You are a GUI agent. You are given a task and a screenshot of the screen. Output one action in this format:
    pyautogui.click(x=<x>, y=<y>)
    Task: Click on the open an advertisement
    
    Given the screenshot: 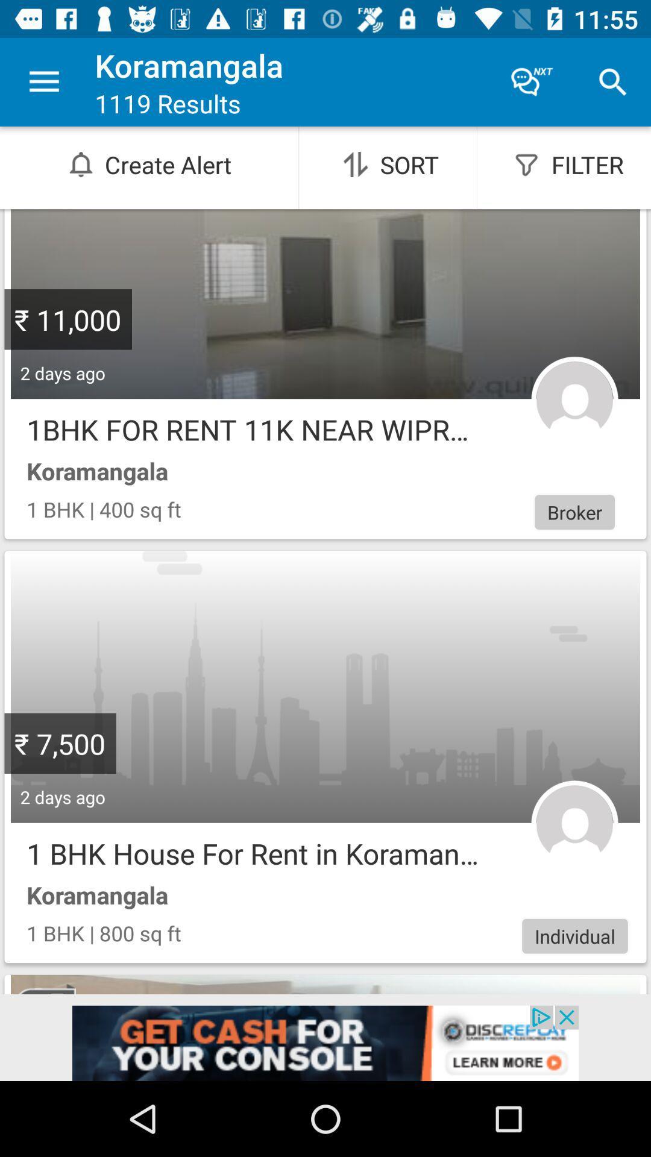 What is the action you would take?
    pyautogui.click(x=325, y=1043)
    